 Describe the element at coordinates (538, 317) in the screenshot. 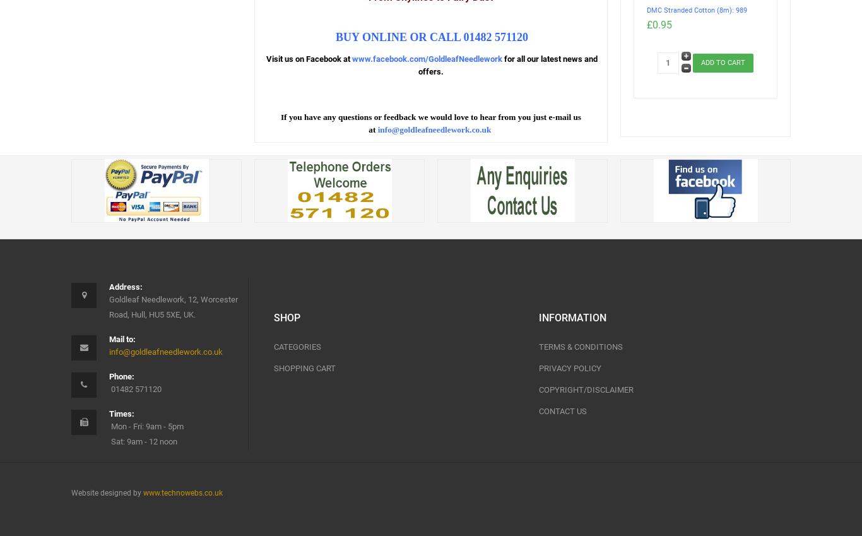

I see `'Information'` at that location.